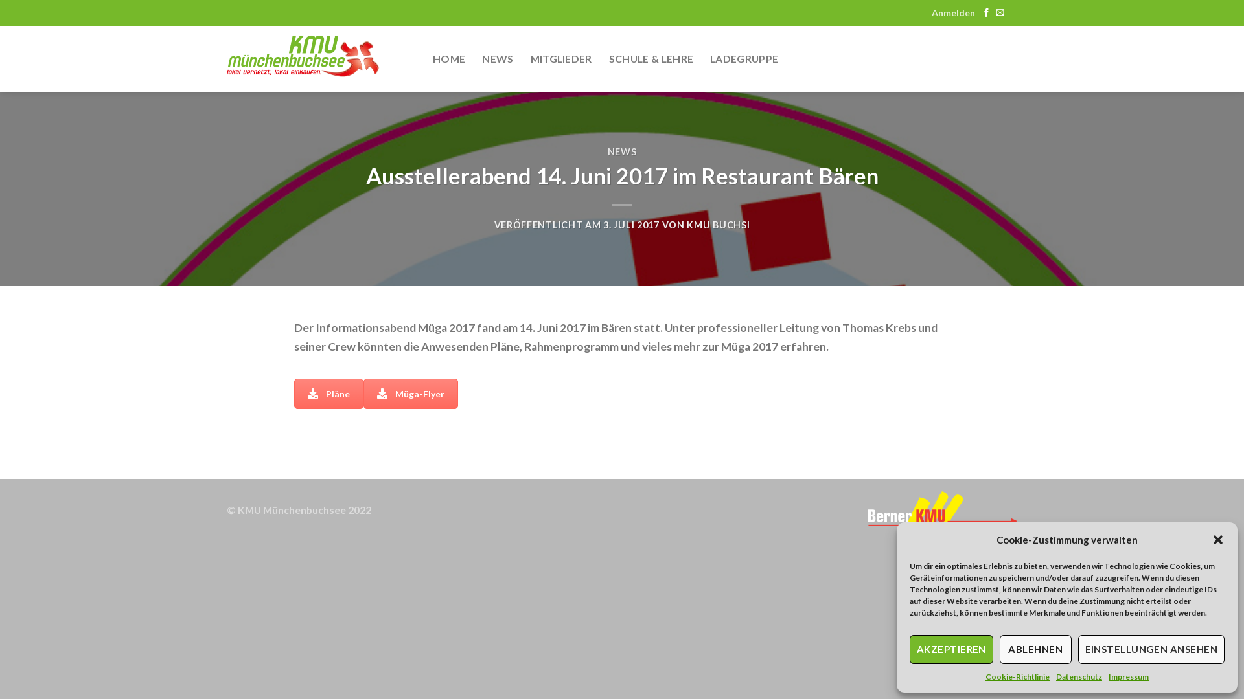  I want to click on '3. JULI 2017', so click(603, 224).